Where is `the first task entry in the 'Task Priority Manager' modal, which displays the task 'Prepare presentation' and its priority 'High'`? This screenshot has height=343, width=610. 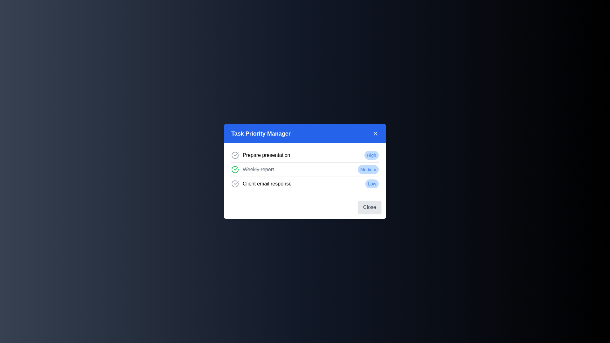 the first task entry in the 'Task Priority Manager' modal, which displays the task 'Prepare presentation' and its priority 'High' is located at coordinates (305, 155).